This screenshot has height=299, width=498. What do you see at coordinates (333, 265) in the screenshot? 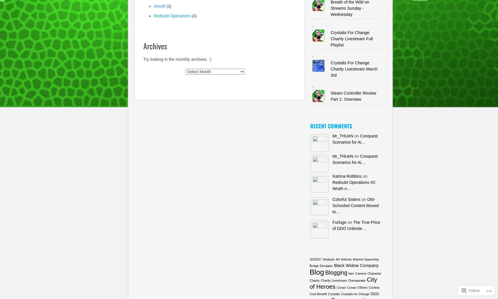
I see `'Black Widow Company'` at bounding box center [333, 265].